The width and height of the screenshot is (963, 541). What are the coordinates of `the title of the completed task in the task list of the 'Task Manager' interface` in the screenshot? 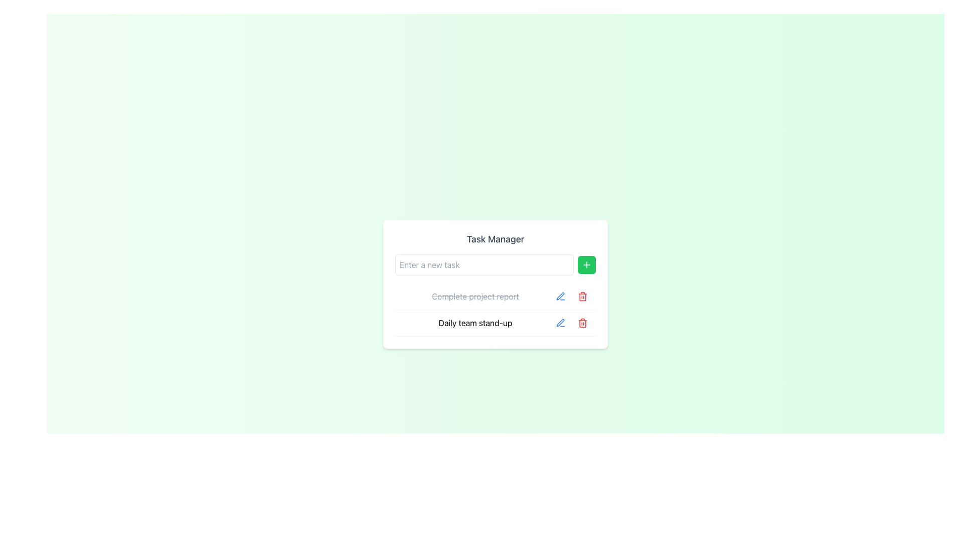 It's located at (475, 296).